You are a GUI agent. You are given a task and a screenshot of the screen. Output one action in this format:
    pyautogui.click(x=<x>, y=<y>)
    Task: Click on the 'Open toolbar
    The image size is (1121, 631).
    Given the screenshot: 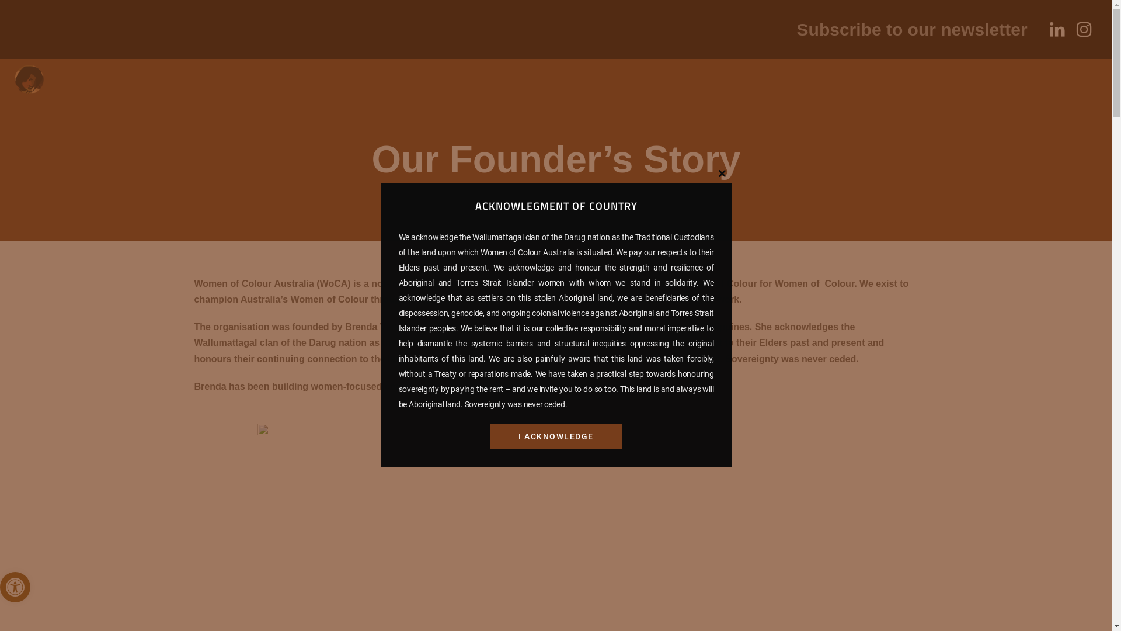 What is the action you would take?
    pyautogui.click(x=15, y=587)
    